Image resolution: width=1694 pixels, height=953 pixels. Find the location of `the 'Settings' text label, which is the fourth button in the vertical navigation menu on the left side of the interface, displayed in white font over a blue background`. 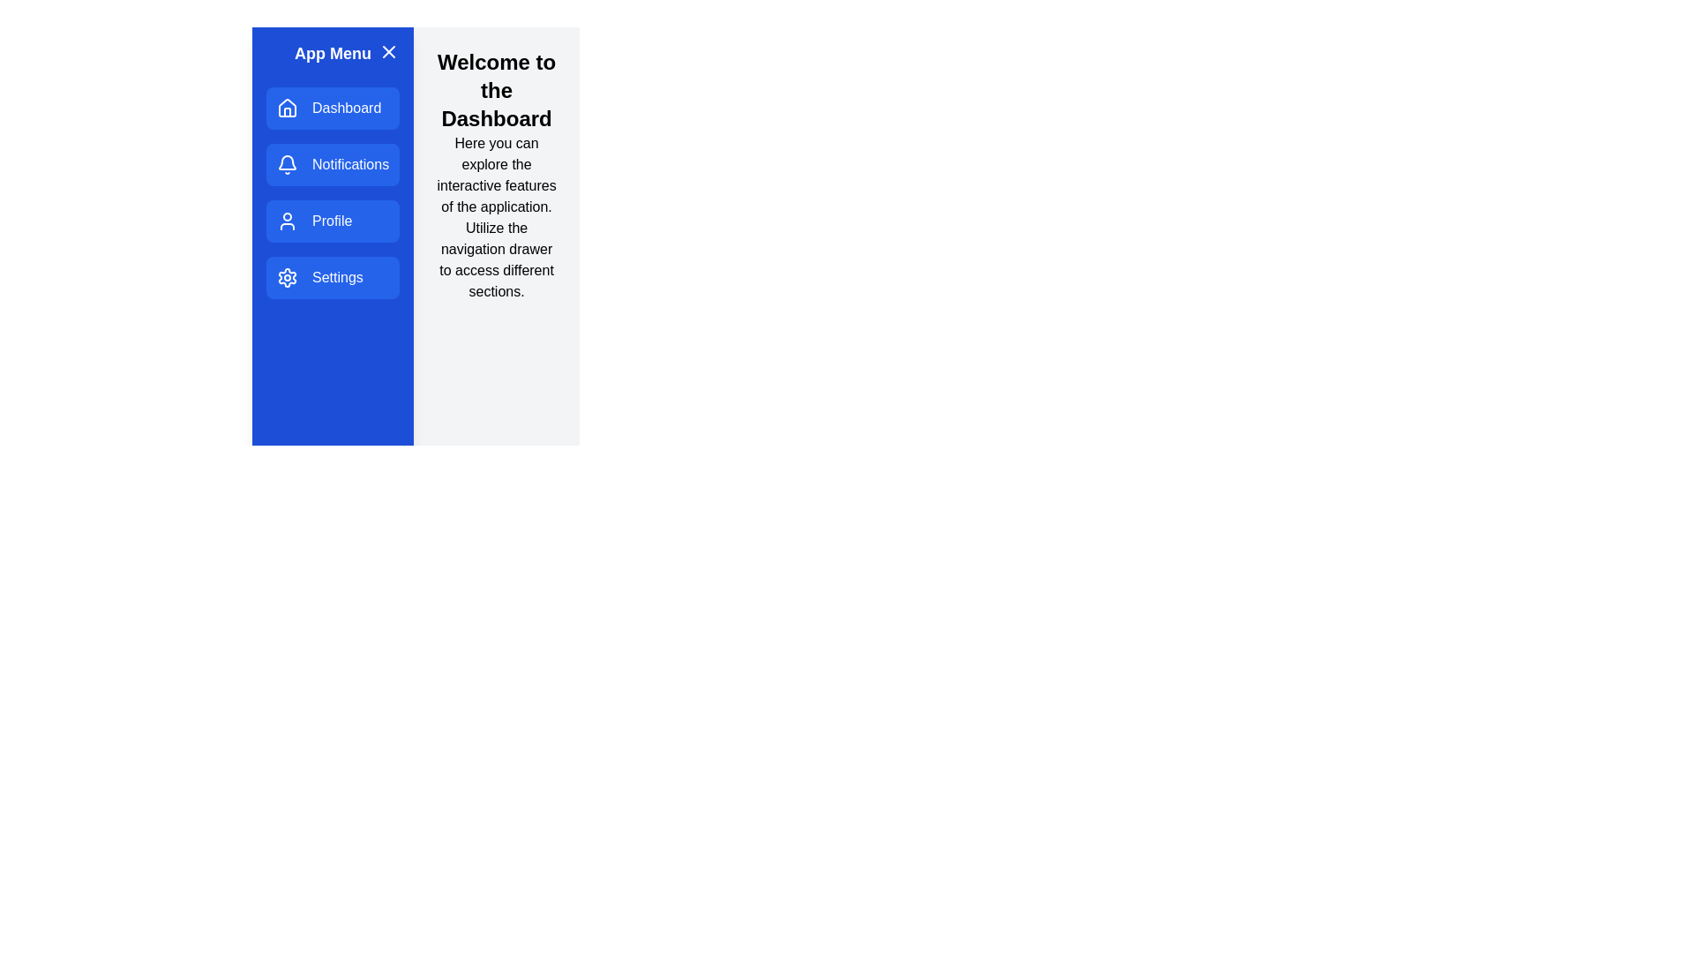

the 'Settings' text label, which is the fourth button in the vertical navigation menu on the left side of the interface, displayed in white font over a blue background is located at coordinates (337, 278).